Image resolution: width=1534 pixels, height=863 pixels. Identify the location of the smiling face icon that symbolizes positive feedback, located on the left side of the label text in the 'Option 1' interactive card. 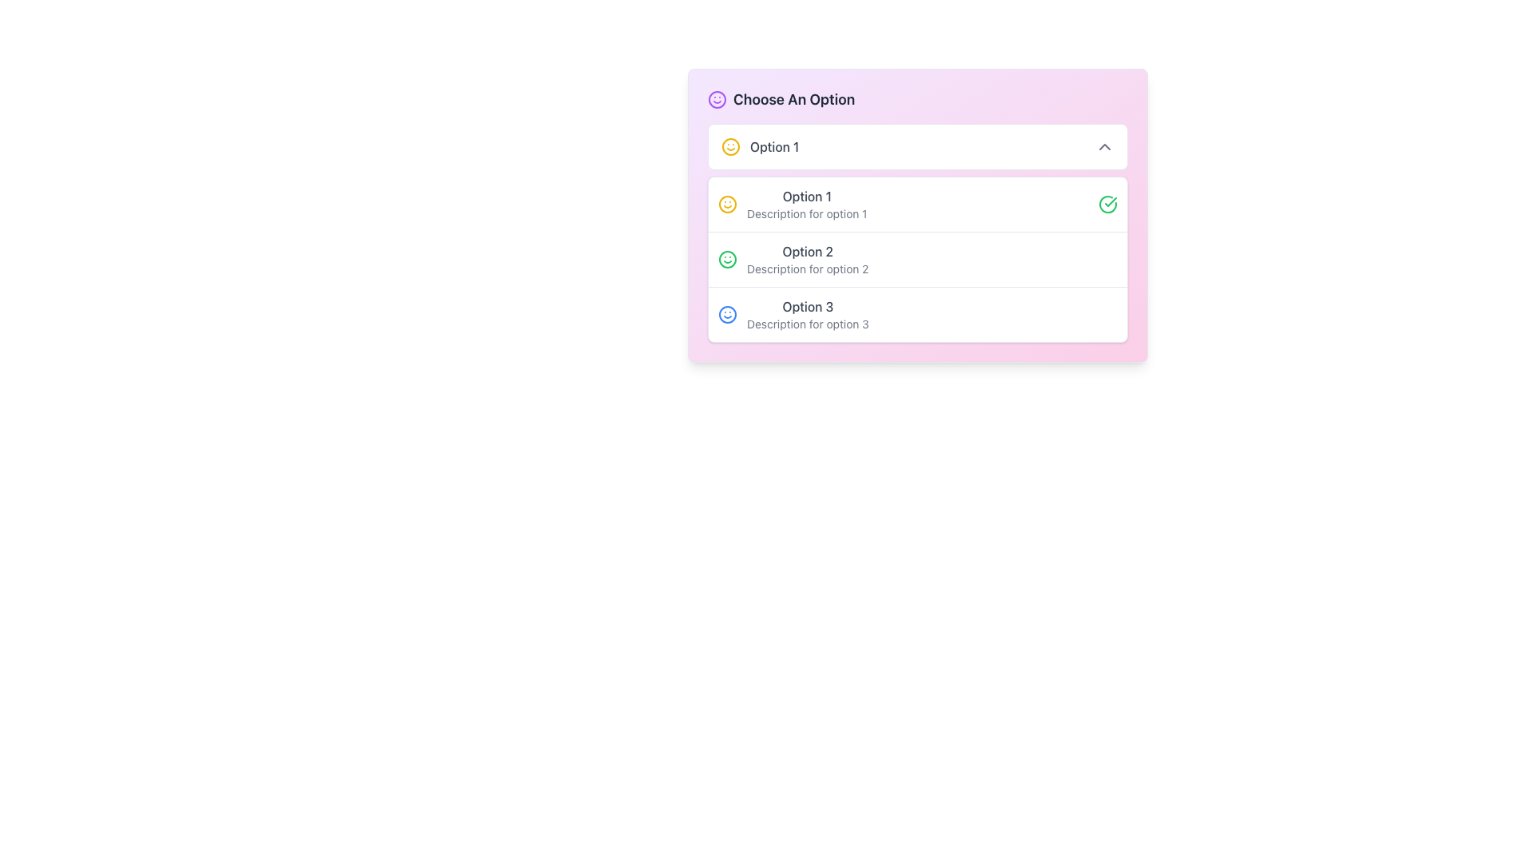
(730, 147).